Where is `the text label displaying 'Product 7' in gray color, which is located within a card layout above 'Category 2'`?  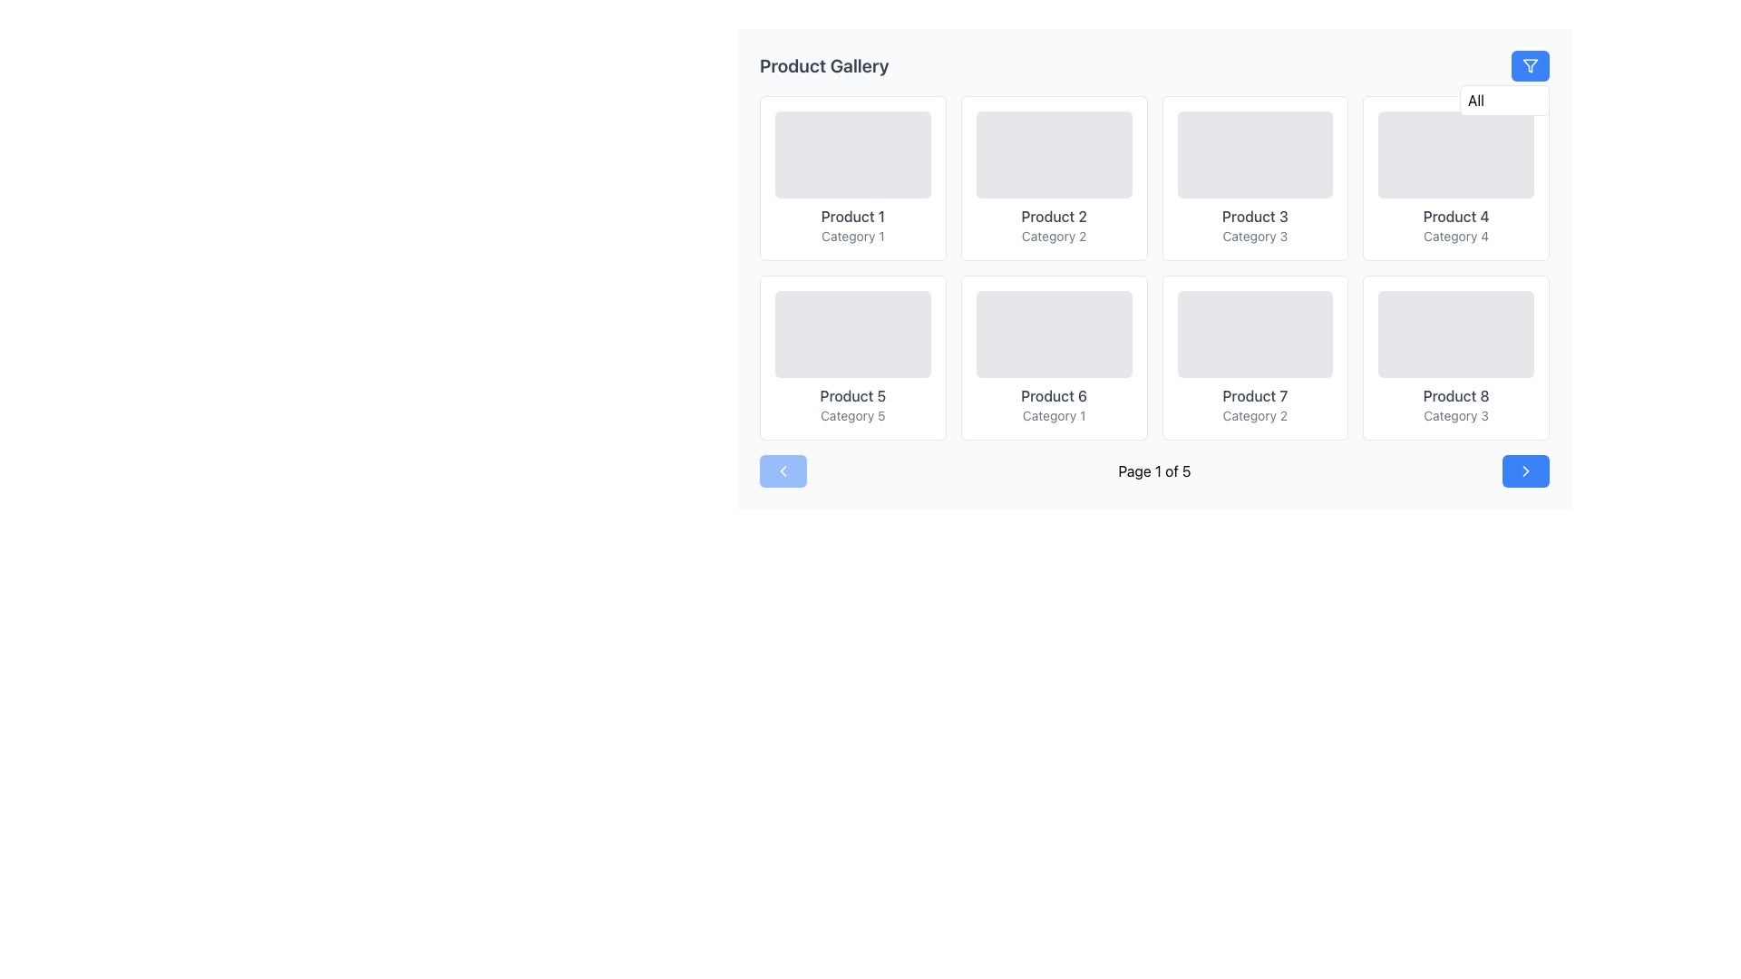
the text label displaying 'Product 7' in gray color, which is located within a card layout above 'Category 2' is located at coordinates (1254, 394).